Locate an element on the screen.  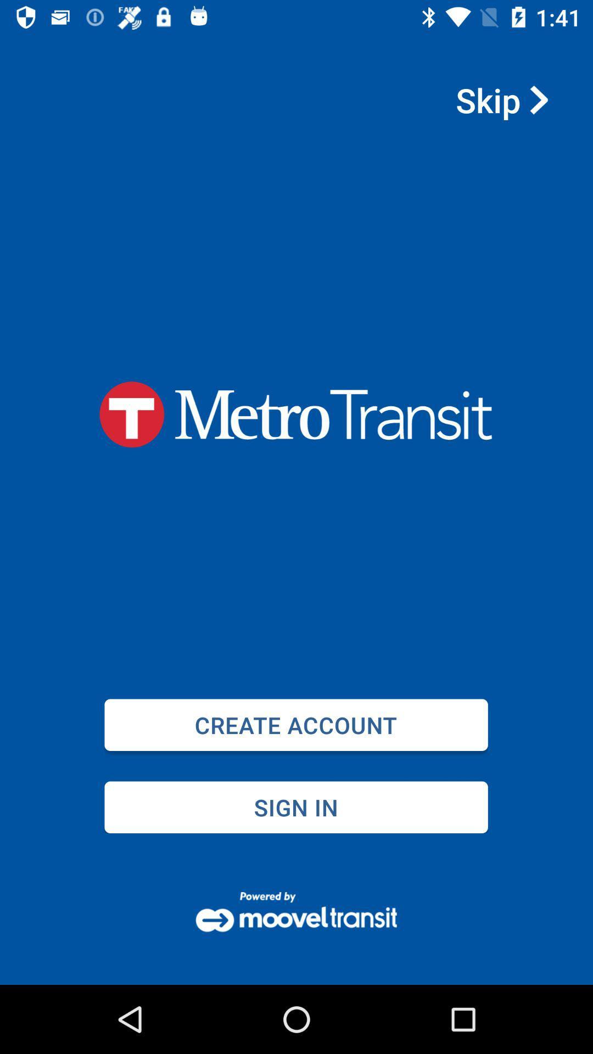
item below the create account item is located at coordinates (295, 807).